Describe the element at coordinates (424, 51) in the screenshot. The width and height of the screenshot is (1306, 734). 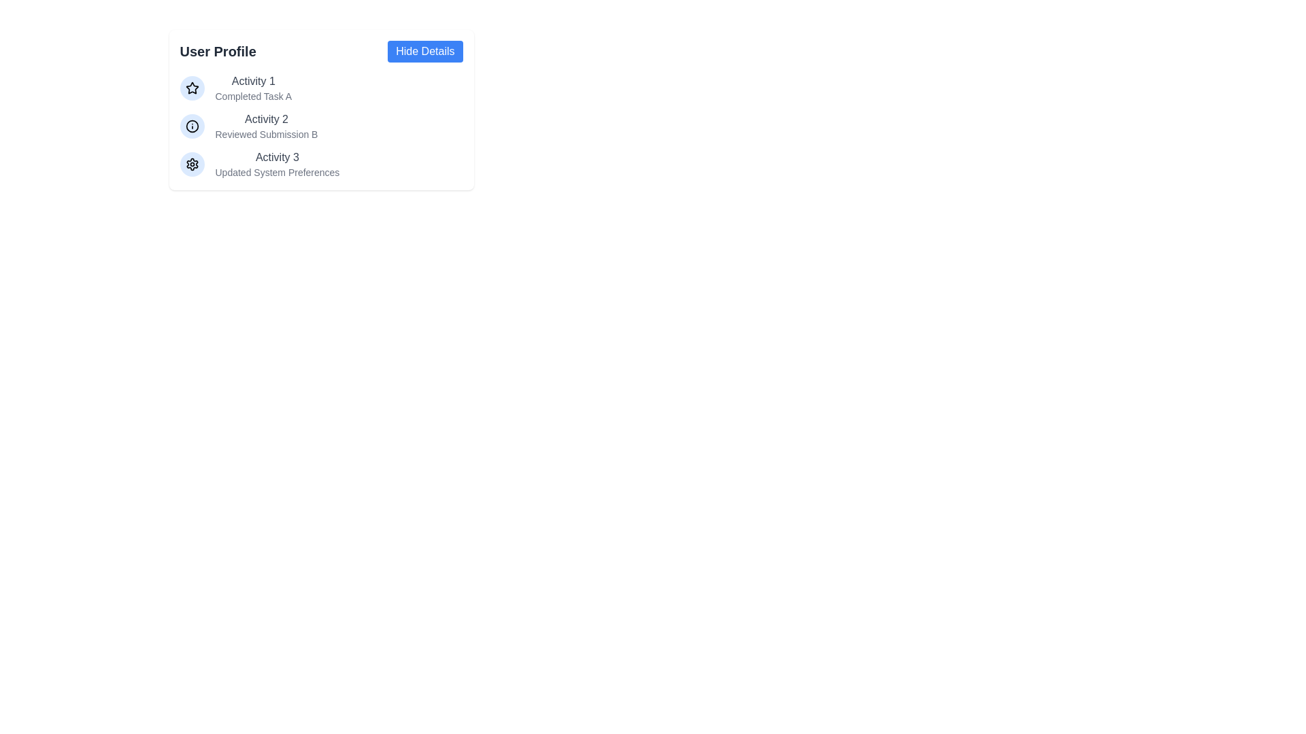
I see `the button located at the top-right side of the 'User Profile' section to hide additional details` at that location.